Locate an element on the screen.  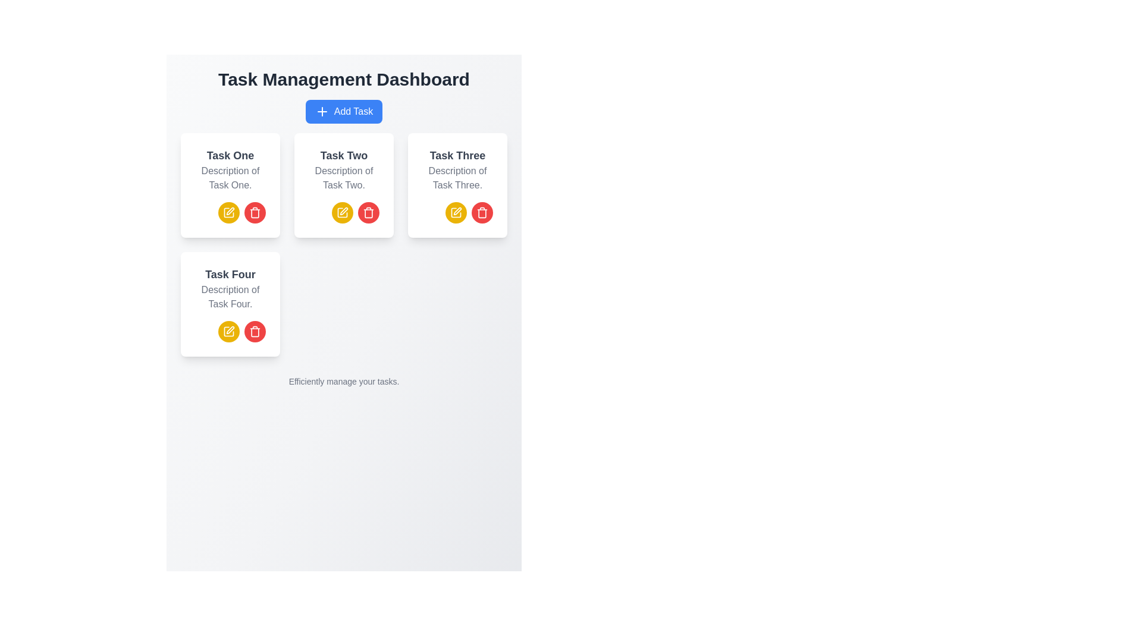
the red circular button with a white trash icon, the rightmost button at the bottom-right of the task card titled 'Task One', to change its appearance is located at coordinates (254, 212).